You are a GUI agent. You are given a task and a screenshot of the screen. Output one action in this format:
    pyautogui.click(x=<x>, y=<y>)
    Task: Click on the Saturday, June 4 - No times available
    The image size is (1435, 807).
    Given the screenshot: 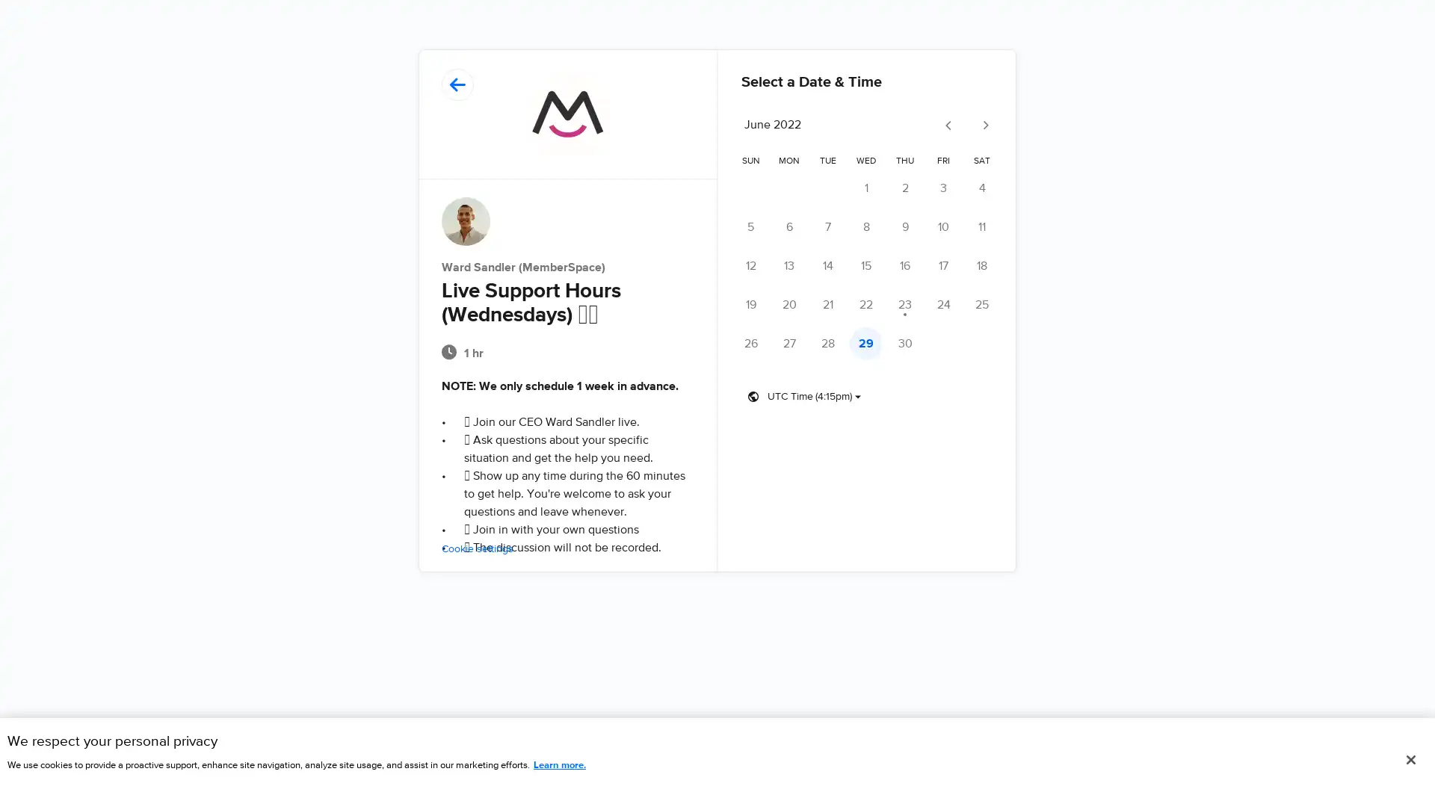 What is the action you would take?
    pyautogui.click(x=982, y=187)
    